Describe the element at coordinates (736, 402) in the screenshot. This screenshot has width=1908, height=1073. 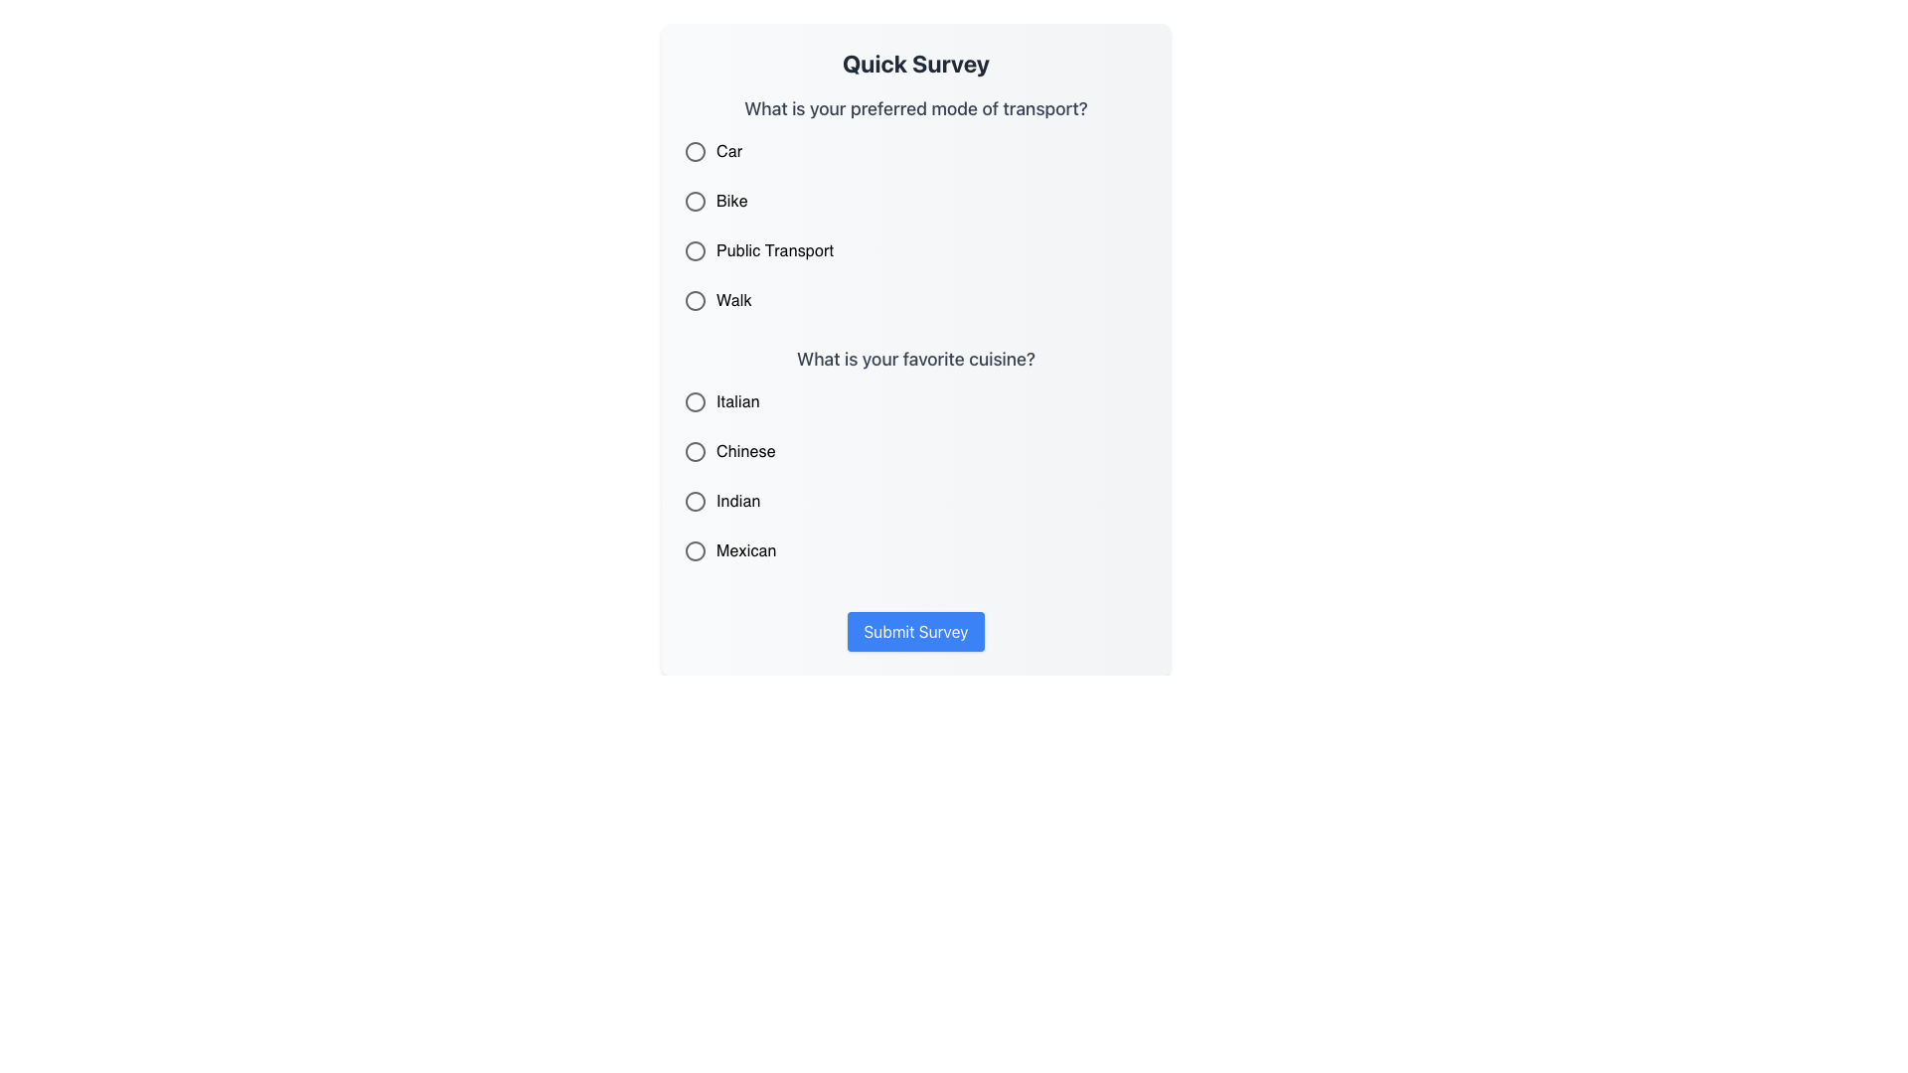
I see `the 'Italian' text label which serves as a label for the associated radio button in the 'What is your favorite cuisine?' question group` at that location.